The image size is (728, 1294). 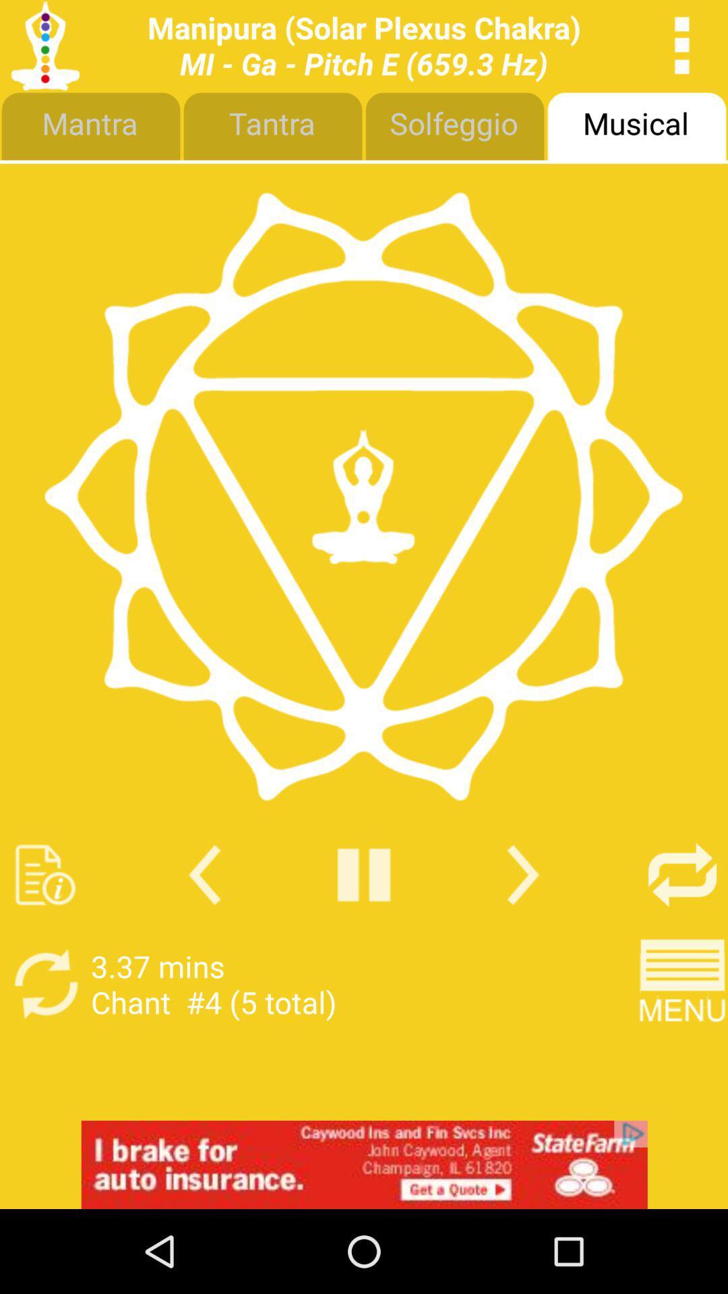 What do you see at coordinates (364, 1164) in the screenshot?
I see `interact with advertisement` at bounding box center [364, 1164].